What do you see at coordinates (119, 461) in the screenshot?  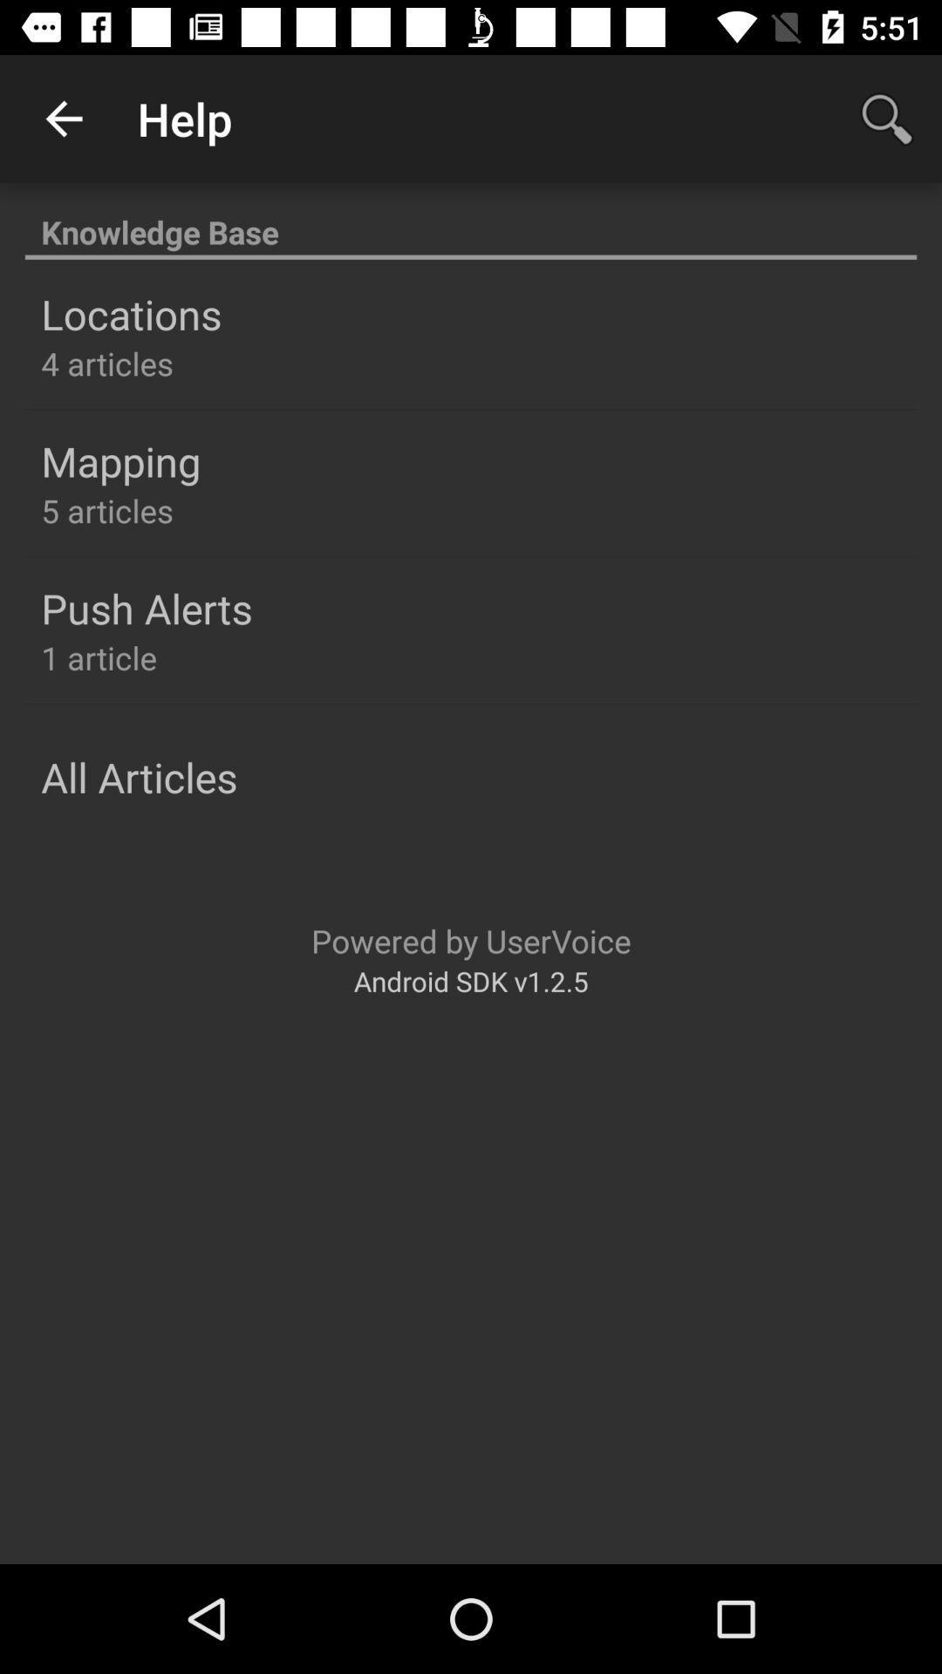 I see `icon above 5 articles item` at bounding box center [119, 461].